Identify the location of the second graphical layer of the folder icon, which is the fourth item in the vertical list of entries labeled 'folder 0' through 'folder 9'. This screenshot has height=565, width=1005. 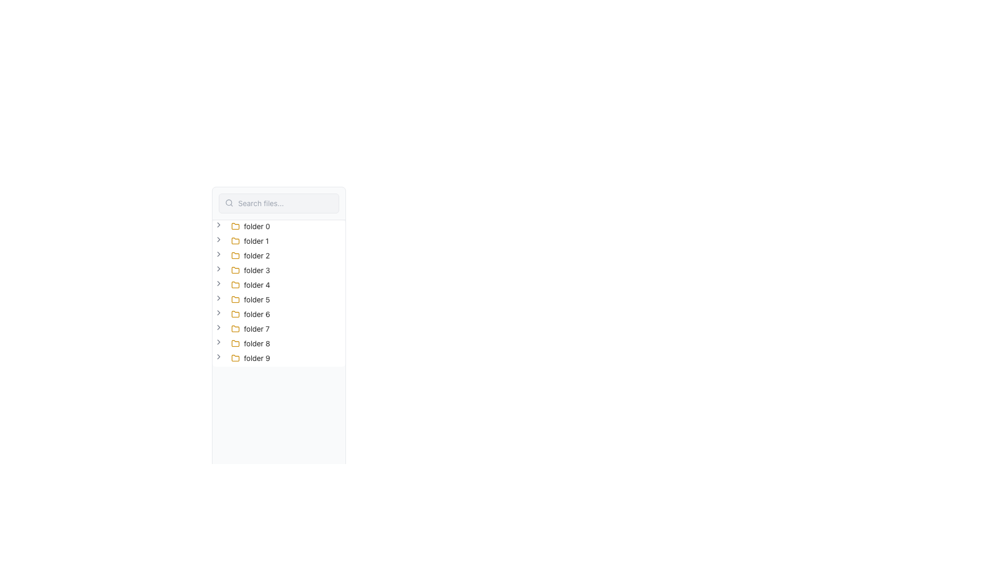
(235, 269).